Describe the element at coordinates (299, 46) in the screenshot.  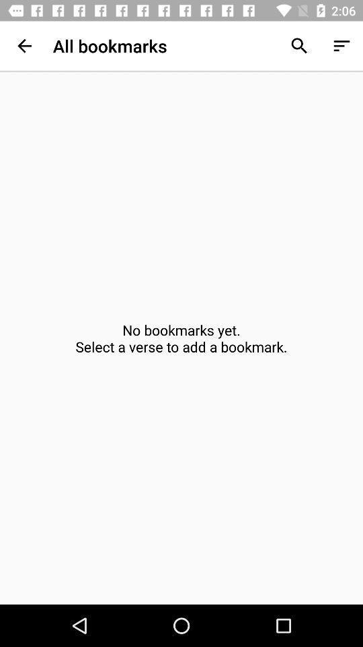
I see `item next to the all bookmarks item` at that location.